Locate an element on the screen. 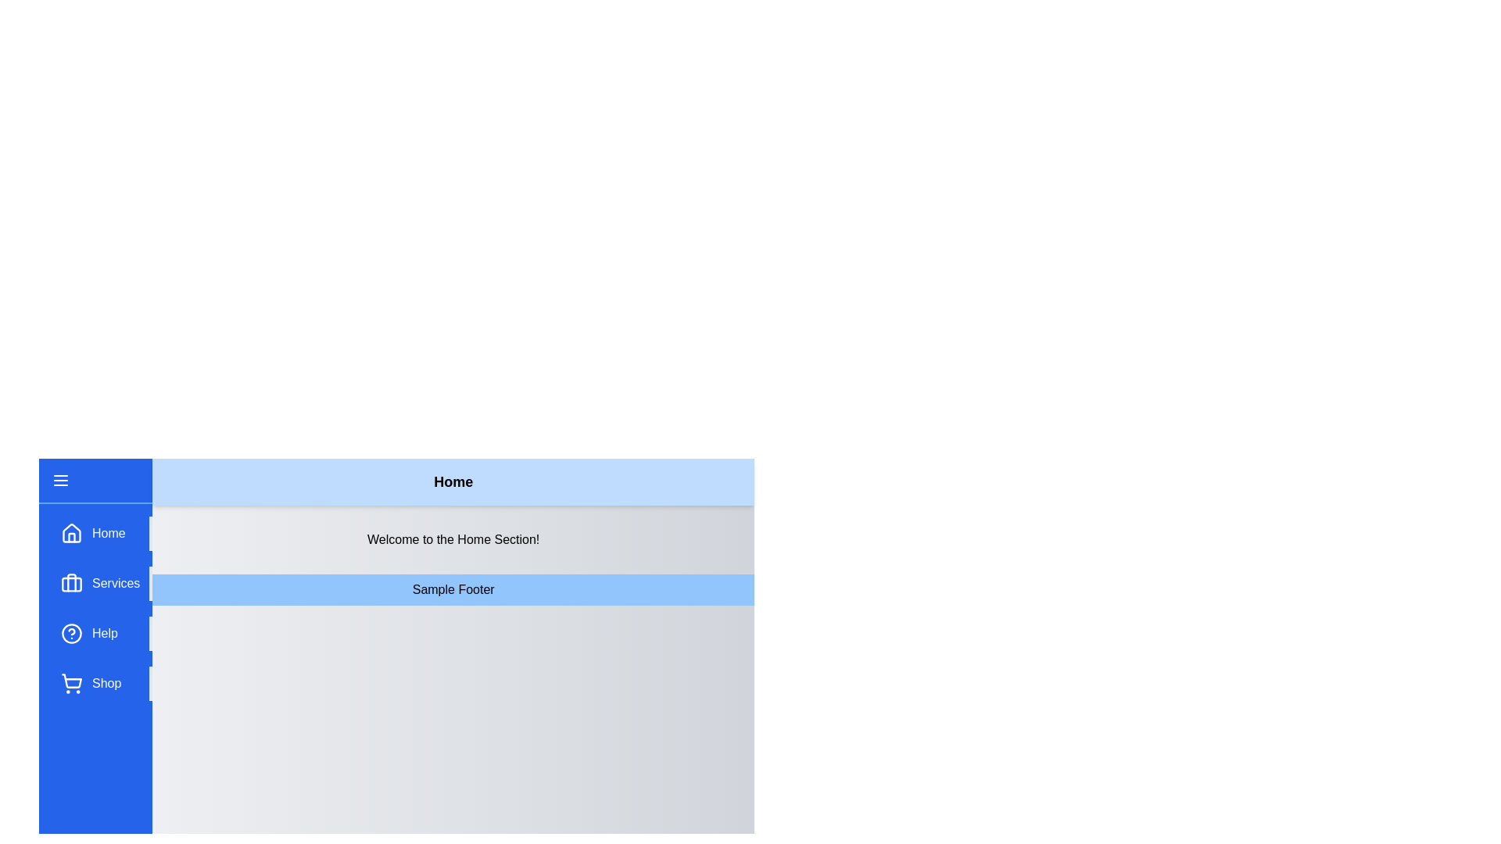 This screenshot has width=1501, height=844. the third navigational button in the vertical list located on the left sidebar is located at coordinates (101, 633).